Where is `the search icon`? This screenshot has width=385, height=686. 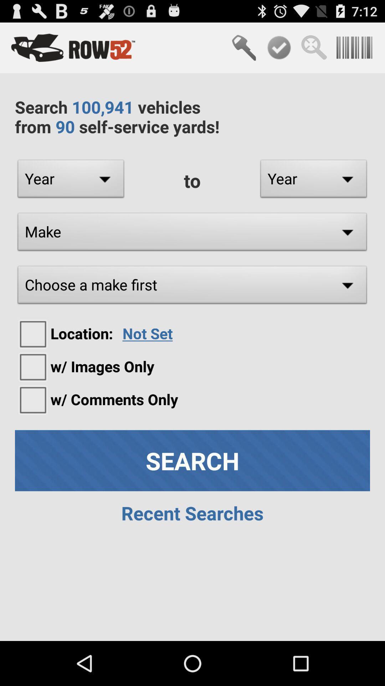
the search icon is located at coordinates (314, 51).